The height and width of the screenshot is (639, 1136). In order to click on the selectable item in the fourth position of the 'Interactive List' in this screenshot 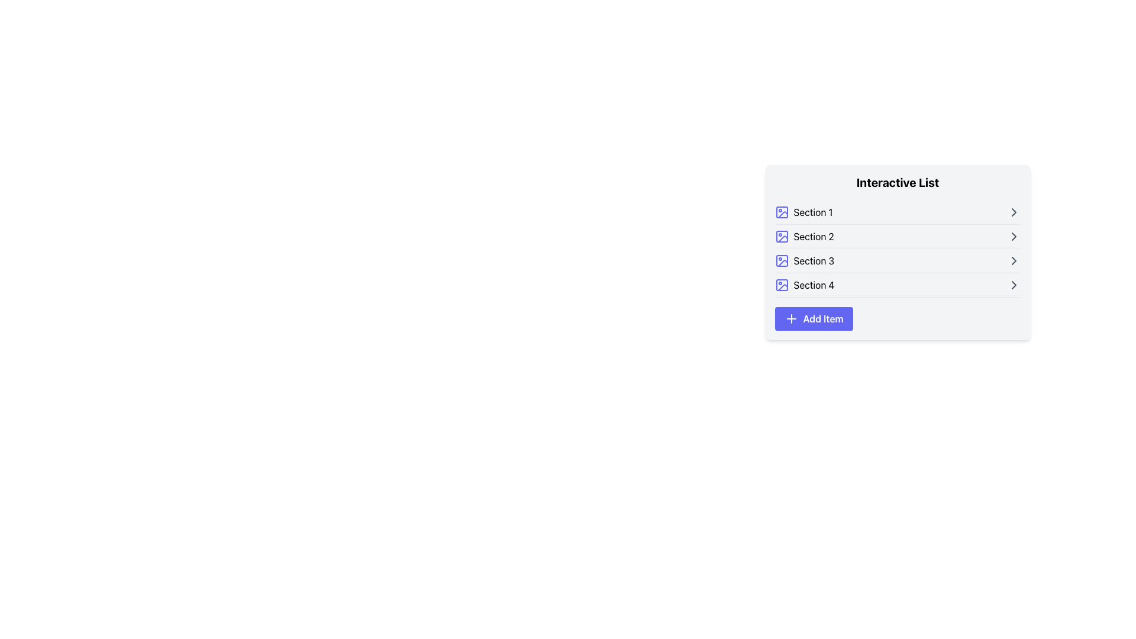, I will do `click(898, 285)`.